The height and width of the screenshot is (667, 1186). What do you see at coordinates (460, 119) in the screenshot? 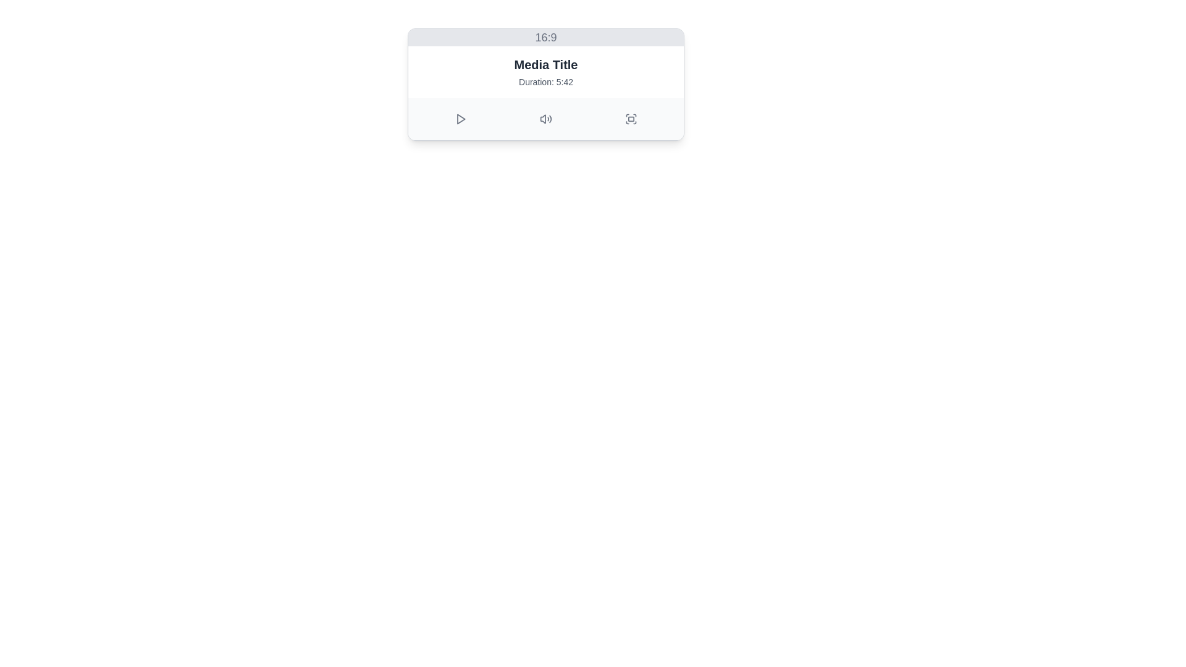
I see `the triangular play icon button located on the left side of the horizontal media control interface` at bounding box center [460, 119].